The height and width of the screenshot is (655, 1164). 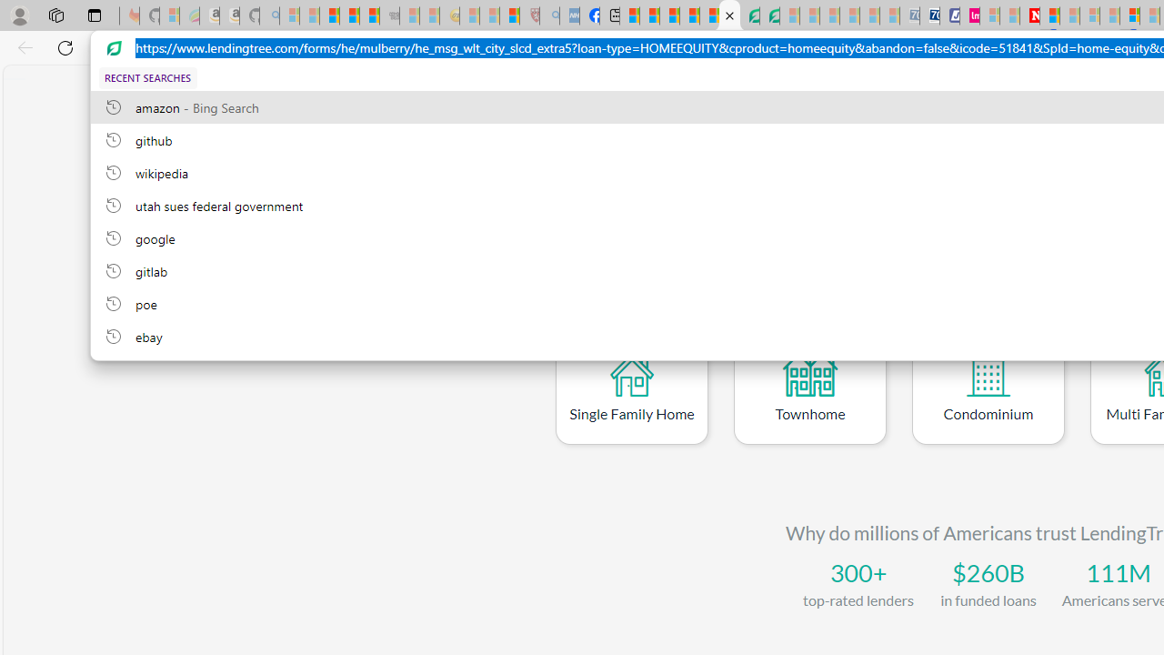 I want to click on 'Jobs - lastminute.com Investor Portal', so click(x=968, y=15).